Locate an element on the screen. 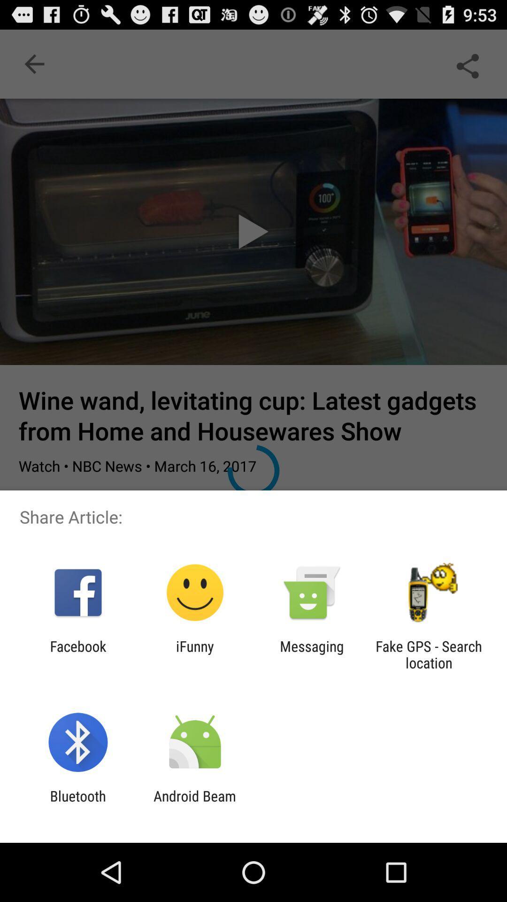 This screenshot has width=507, height=902. the app next to fake gps search icon is located at coordinates (312, 654).